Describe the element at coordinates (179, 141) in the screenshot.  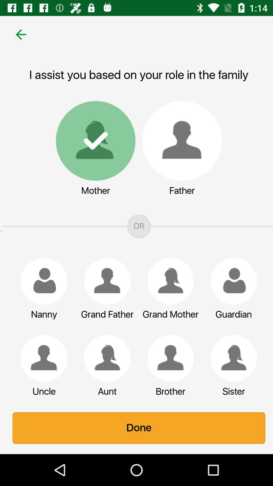
I see `switch to father` at that location.